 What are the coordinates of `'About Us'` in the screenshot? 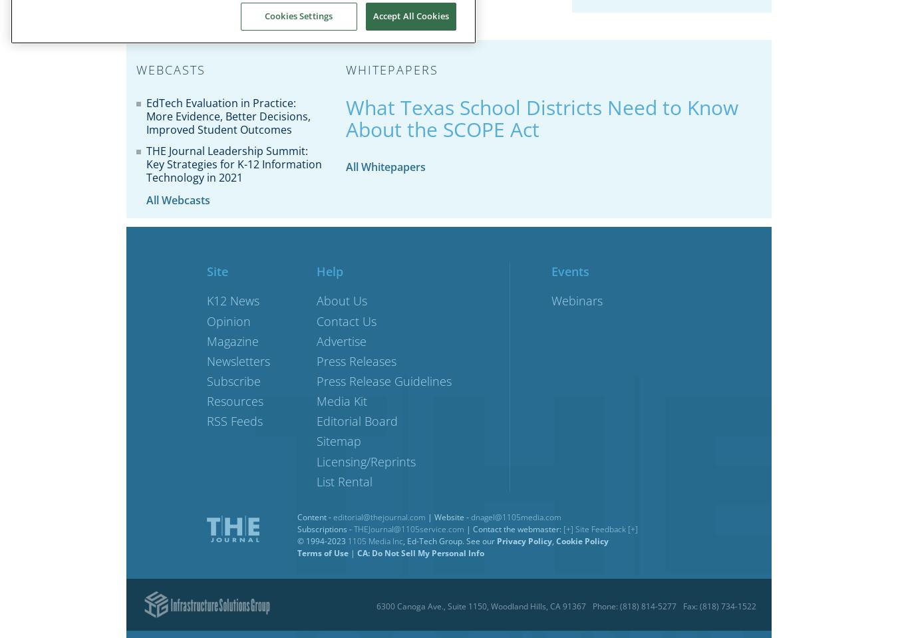 It's located at (341, 299).